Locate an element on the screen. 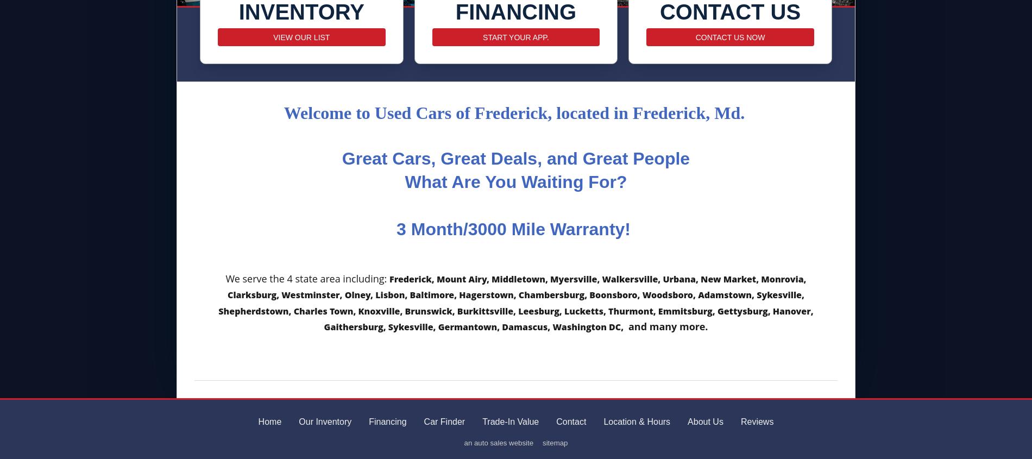 Image resolution: width=1032 pixels, height=459 pixels. 'an auto sales website' is located at coordinates (463, 443).